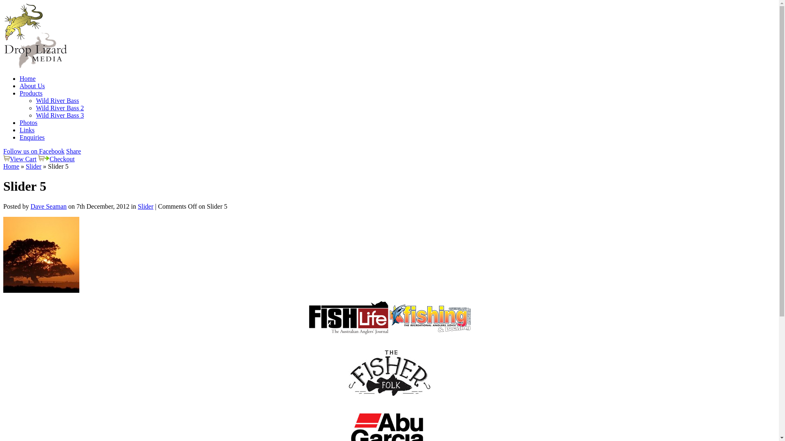 The width and height of the screenshot is (785, 441). What do you see at coordinates (137, 206) in the screenshot?
I see `'Slider'` at bounding box center [137, 206].